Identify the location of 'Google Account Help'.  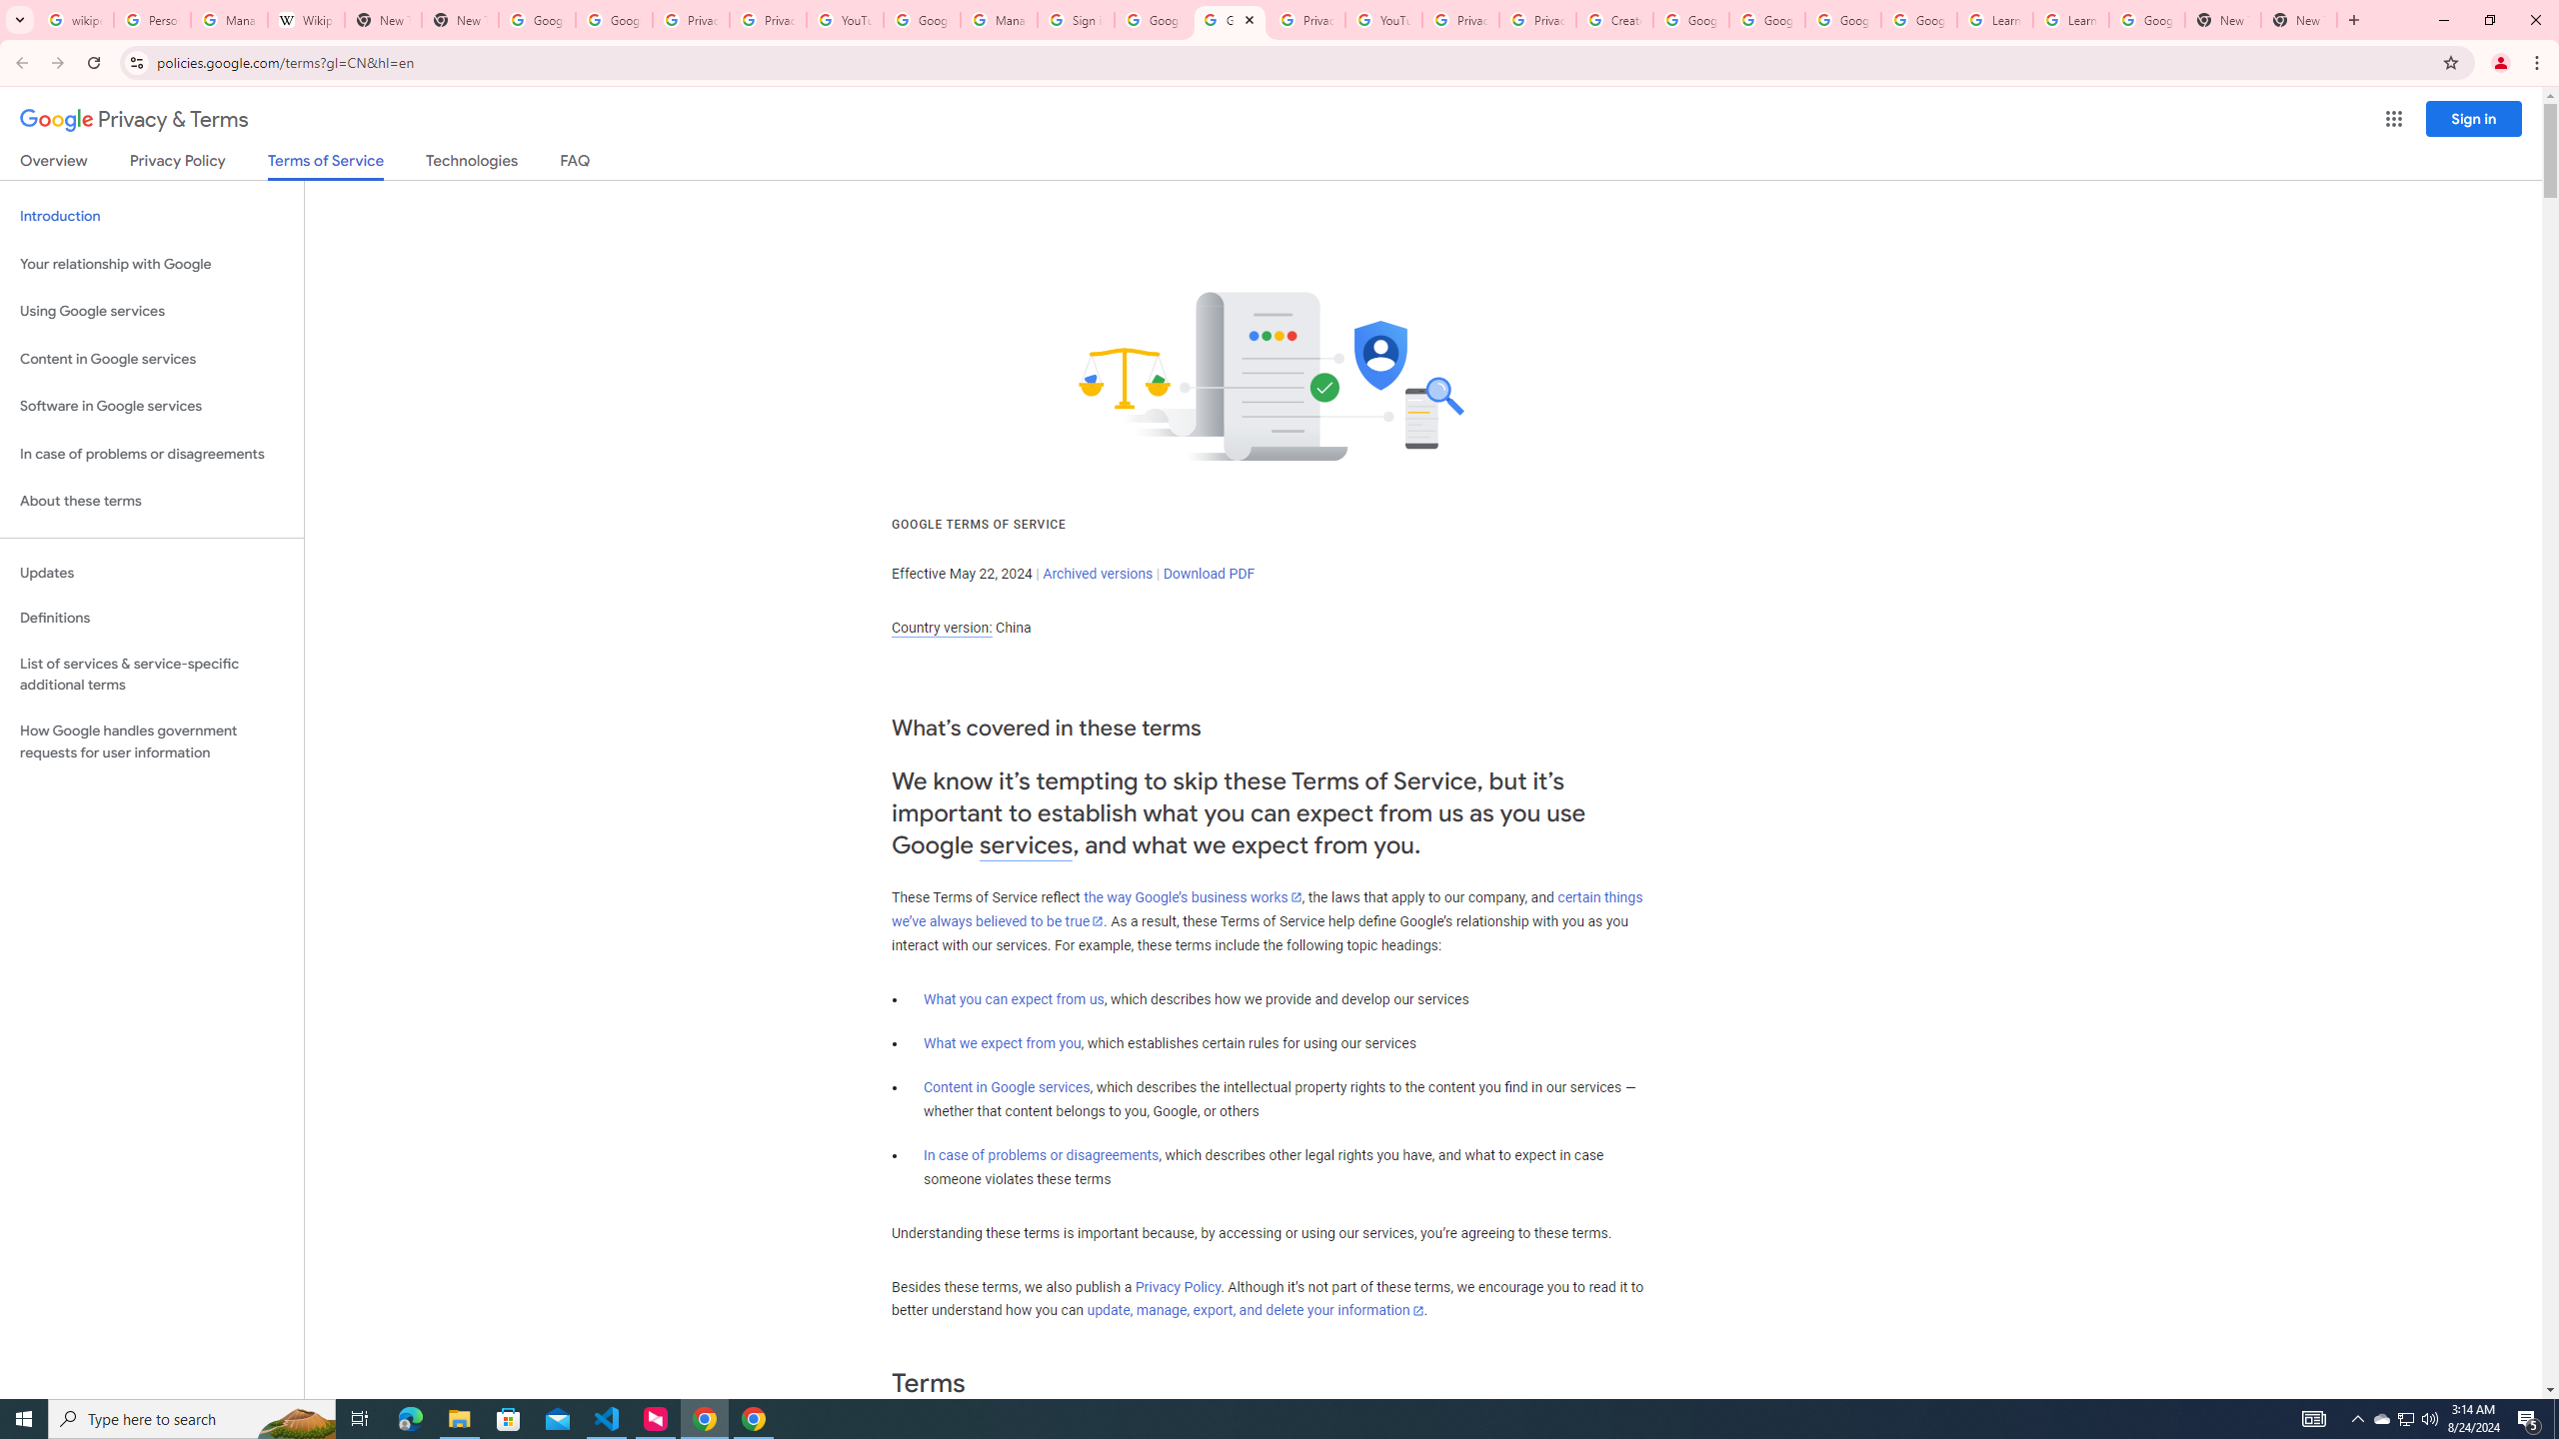
(1919, 19).